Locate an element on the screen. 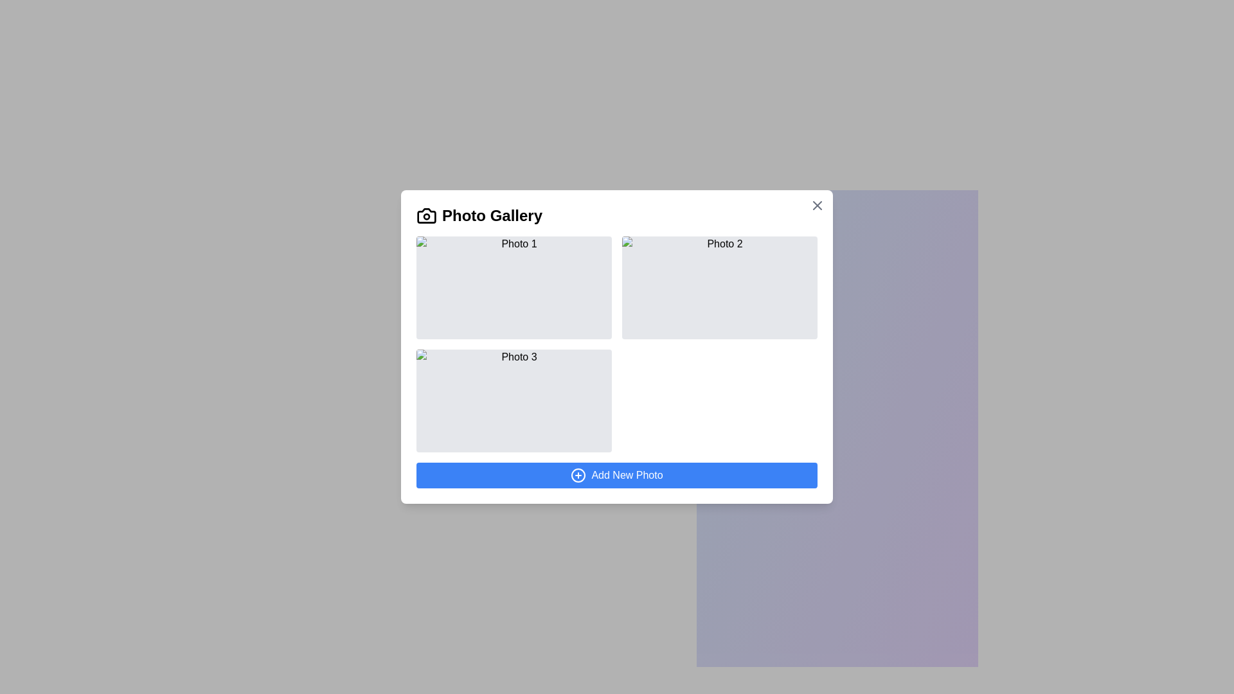 Image resolution: width=1234 pixels, height=694 pixels. the 'Add New Photo' button, which is a blue rectangular button with white text and a plus icon, located at the bottom of the 'Photo Gallery' modal is located at coordinates (617, 476).